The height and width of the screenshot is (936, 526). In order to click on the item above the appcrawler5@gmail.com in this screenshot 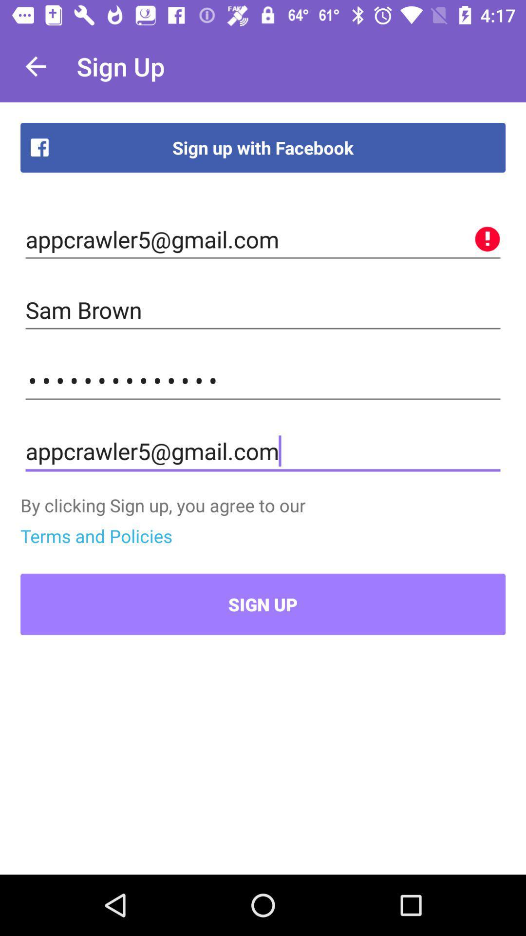, I will do `click(263, 380)`.